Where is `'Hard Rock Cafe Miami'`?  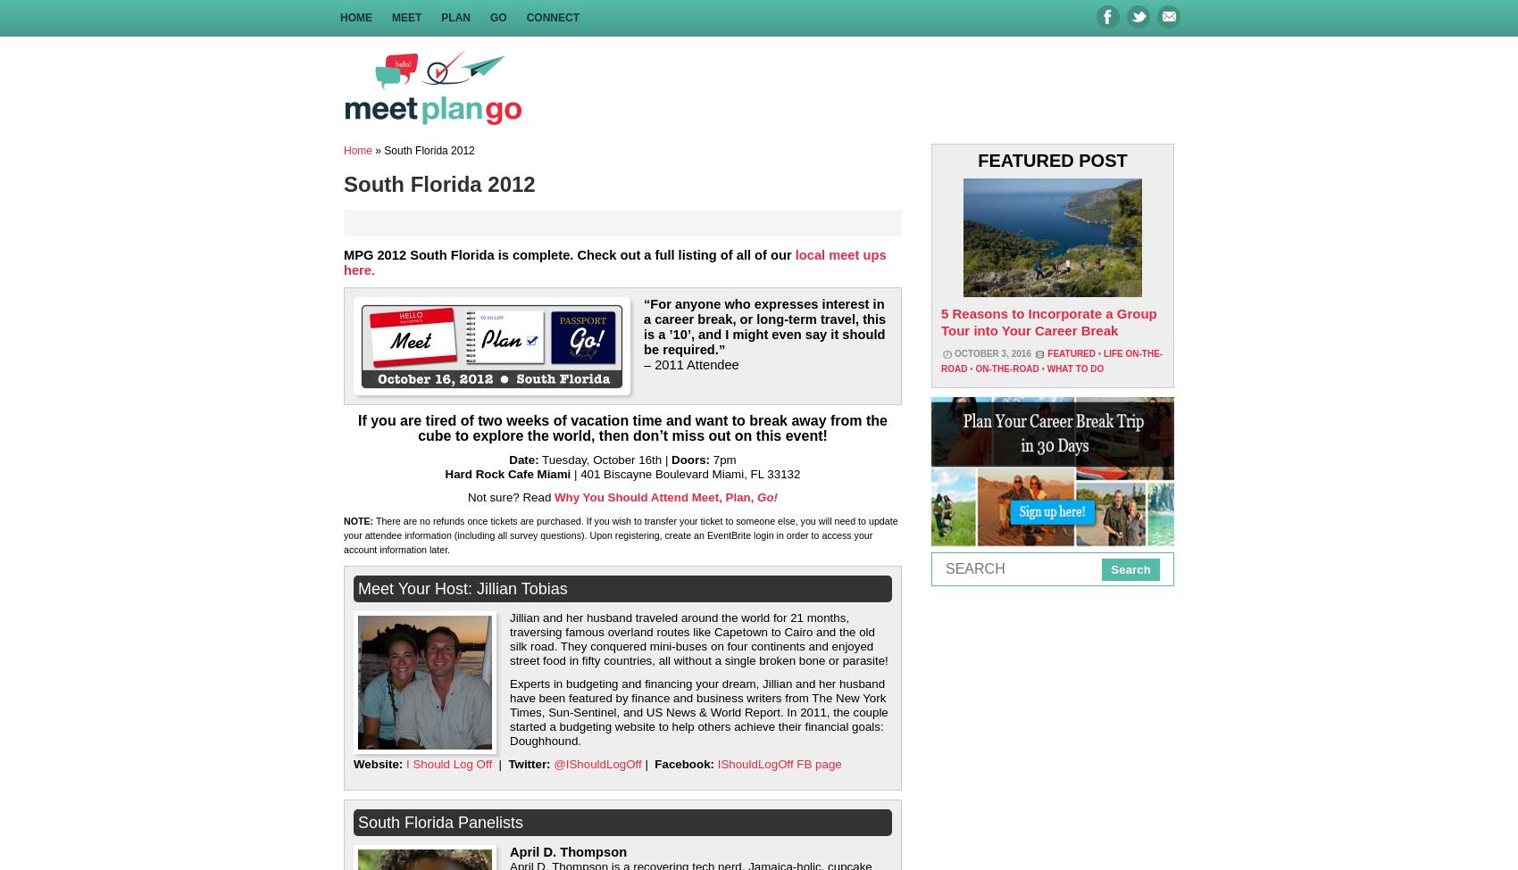 'Hard Rock Cafe Miami' is located at coordinates (444, 473).